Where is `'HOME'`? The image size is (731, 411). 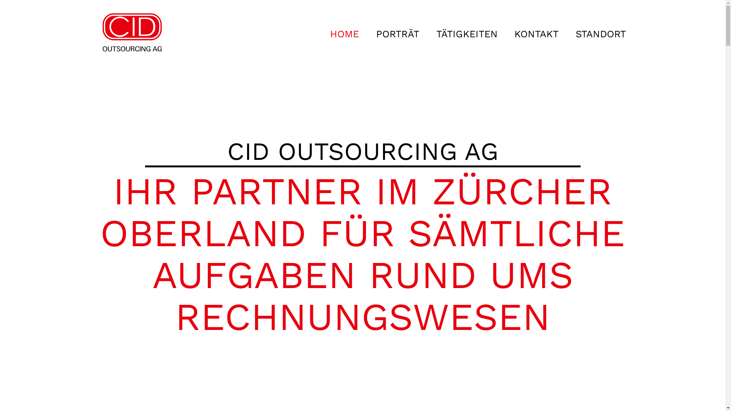
'HOME' is located at coordinates (321, 30).